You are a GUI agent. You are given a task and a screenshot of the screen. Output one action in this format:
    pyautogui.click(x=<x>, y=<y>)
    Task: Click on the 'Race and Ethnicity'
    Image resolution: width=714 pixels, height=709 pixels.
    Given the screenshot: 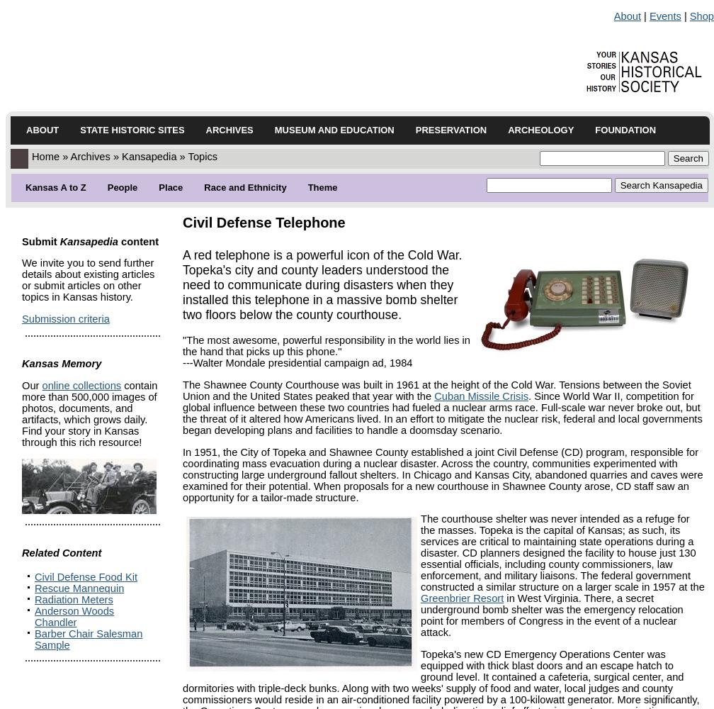 What is the action you would take?
    pyautogui.click(x=245, y=187)
    